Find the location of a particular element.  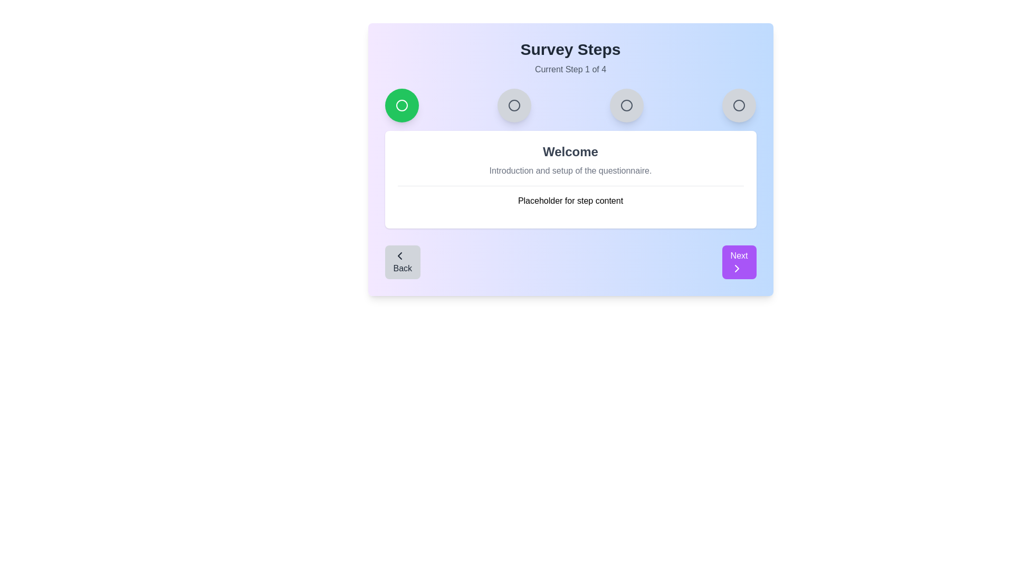

the centered text label displaying 'Welcome' in large, bold dark gray font against a white background, which is located above the introductory message is located at coordinates (570, 152).